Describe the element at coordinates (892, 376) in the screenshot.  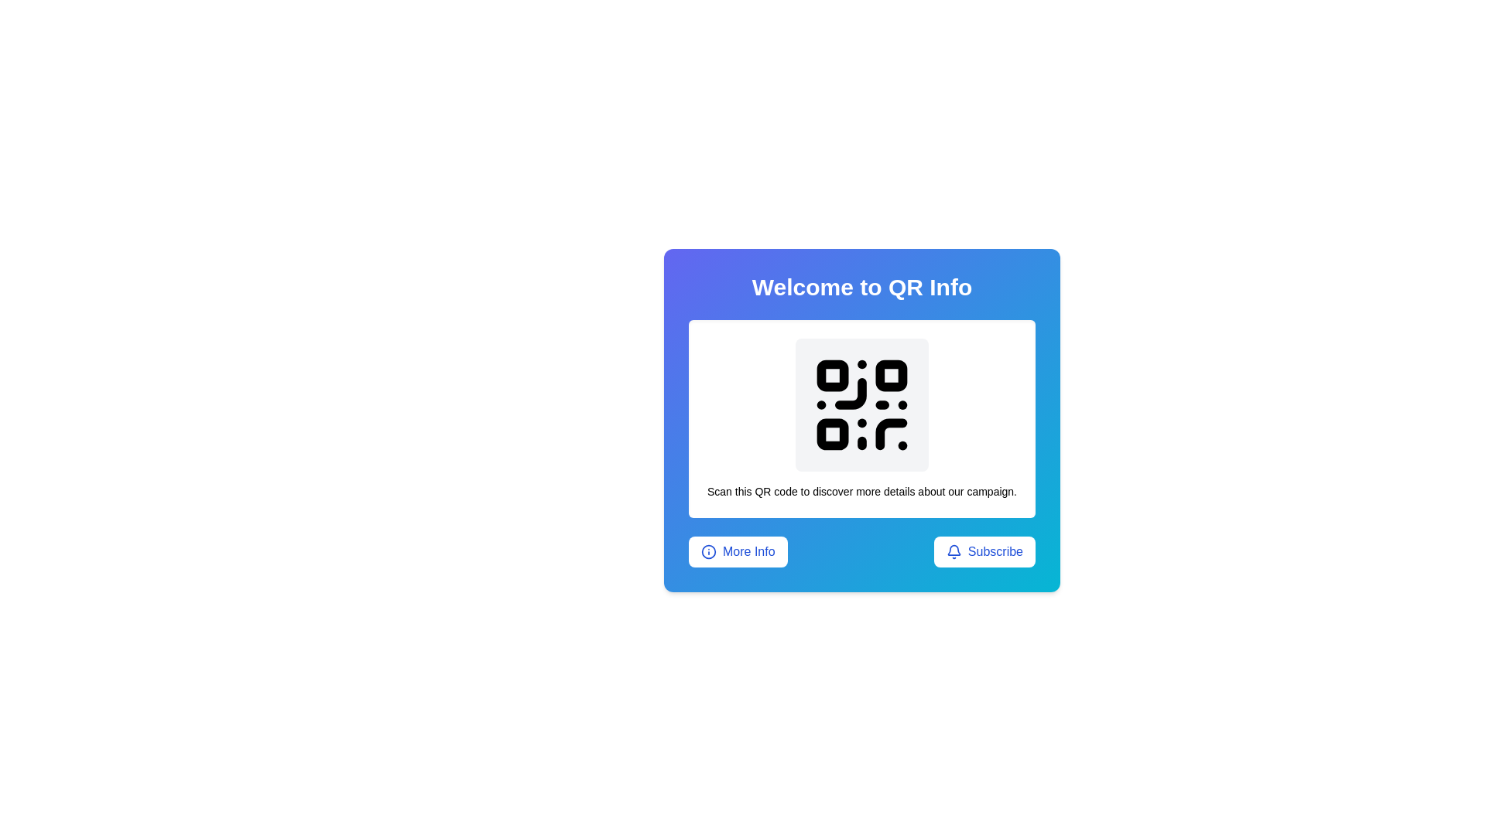
I see `the second black-bordered square in the top-right corner of the QR code` at that location.